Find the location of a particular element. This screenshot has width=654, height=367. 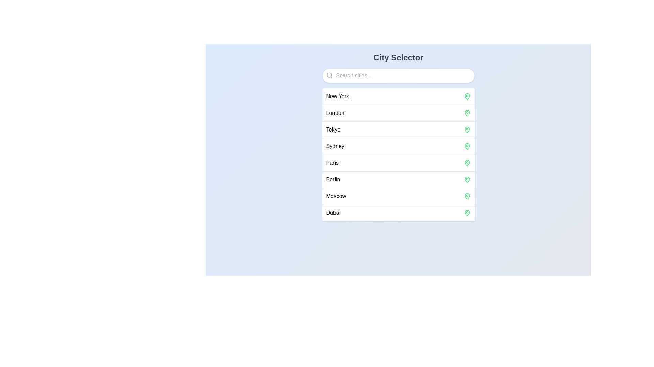

the pin icon with a green outline representing a location marker next to the 'Tokyo' list item is located at coordinates (467, 129).